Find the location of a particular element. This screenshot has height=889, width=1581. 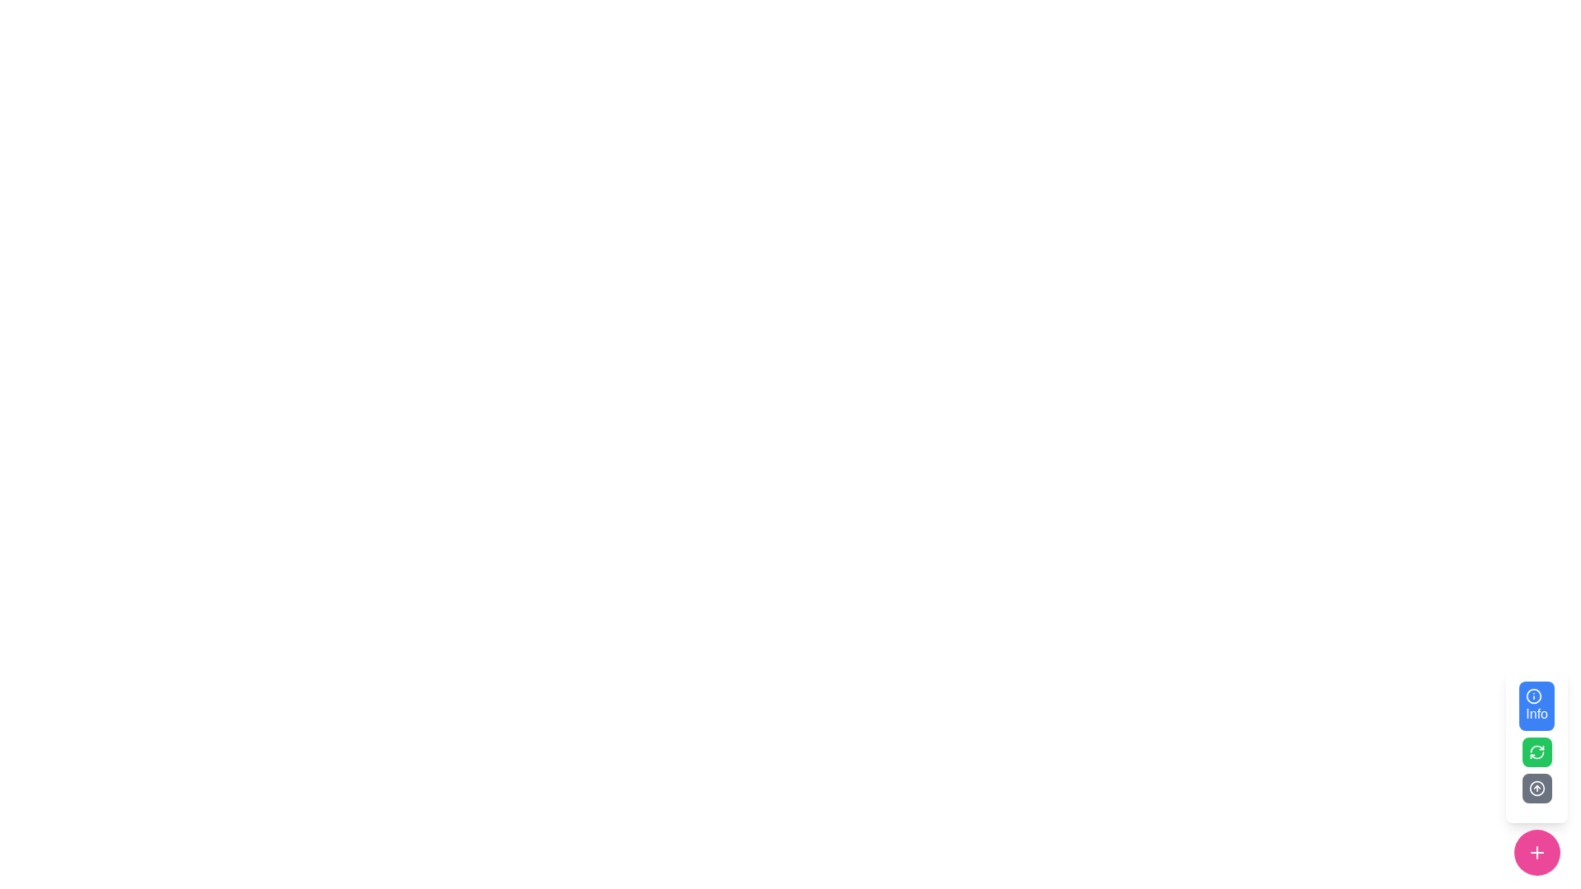

the decorative graphical component nested within the 'Info' icon located on the right-hand side of the interface near the bottom corner is located at coordinates (1533, 696).